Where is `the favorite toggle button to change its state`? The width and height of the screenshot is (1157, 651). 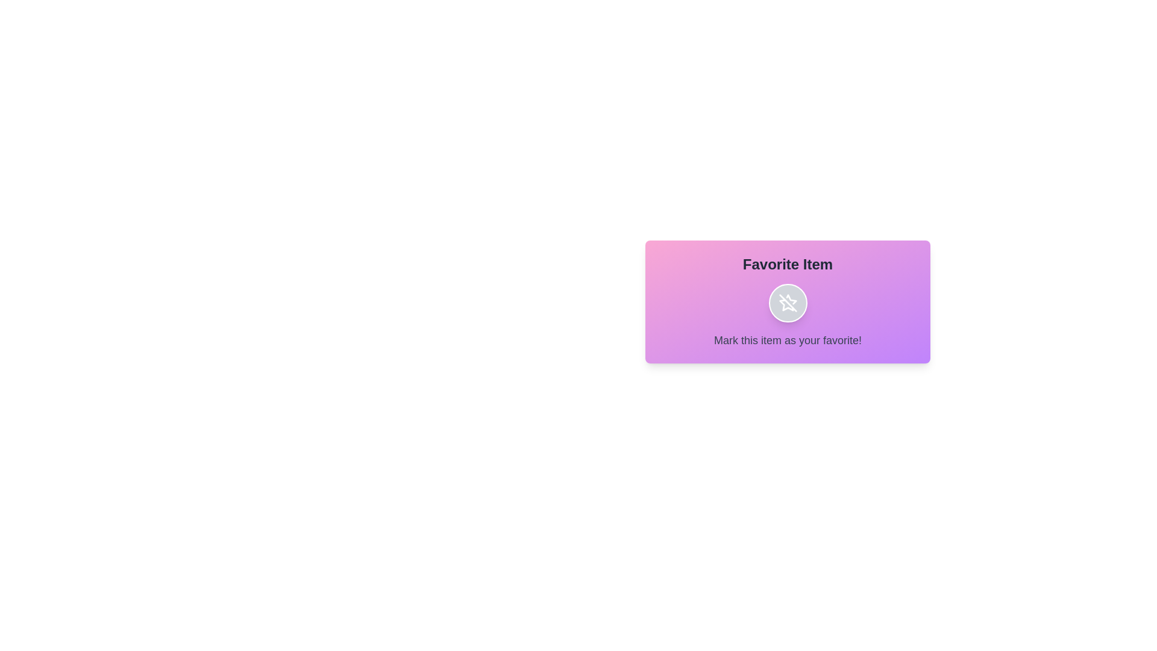 the favorite toggle button to change its state is located at coordinates (788, 302).